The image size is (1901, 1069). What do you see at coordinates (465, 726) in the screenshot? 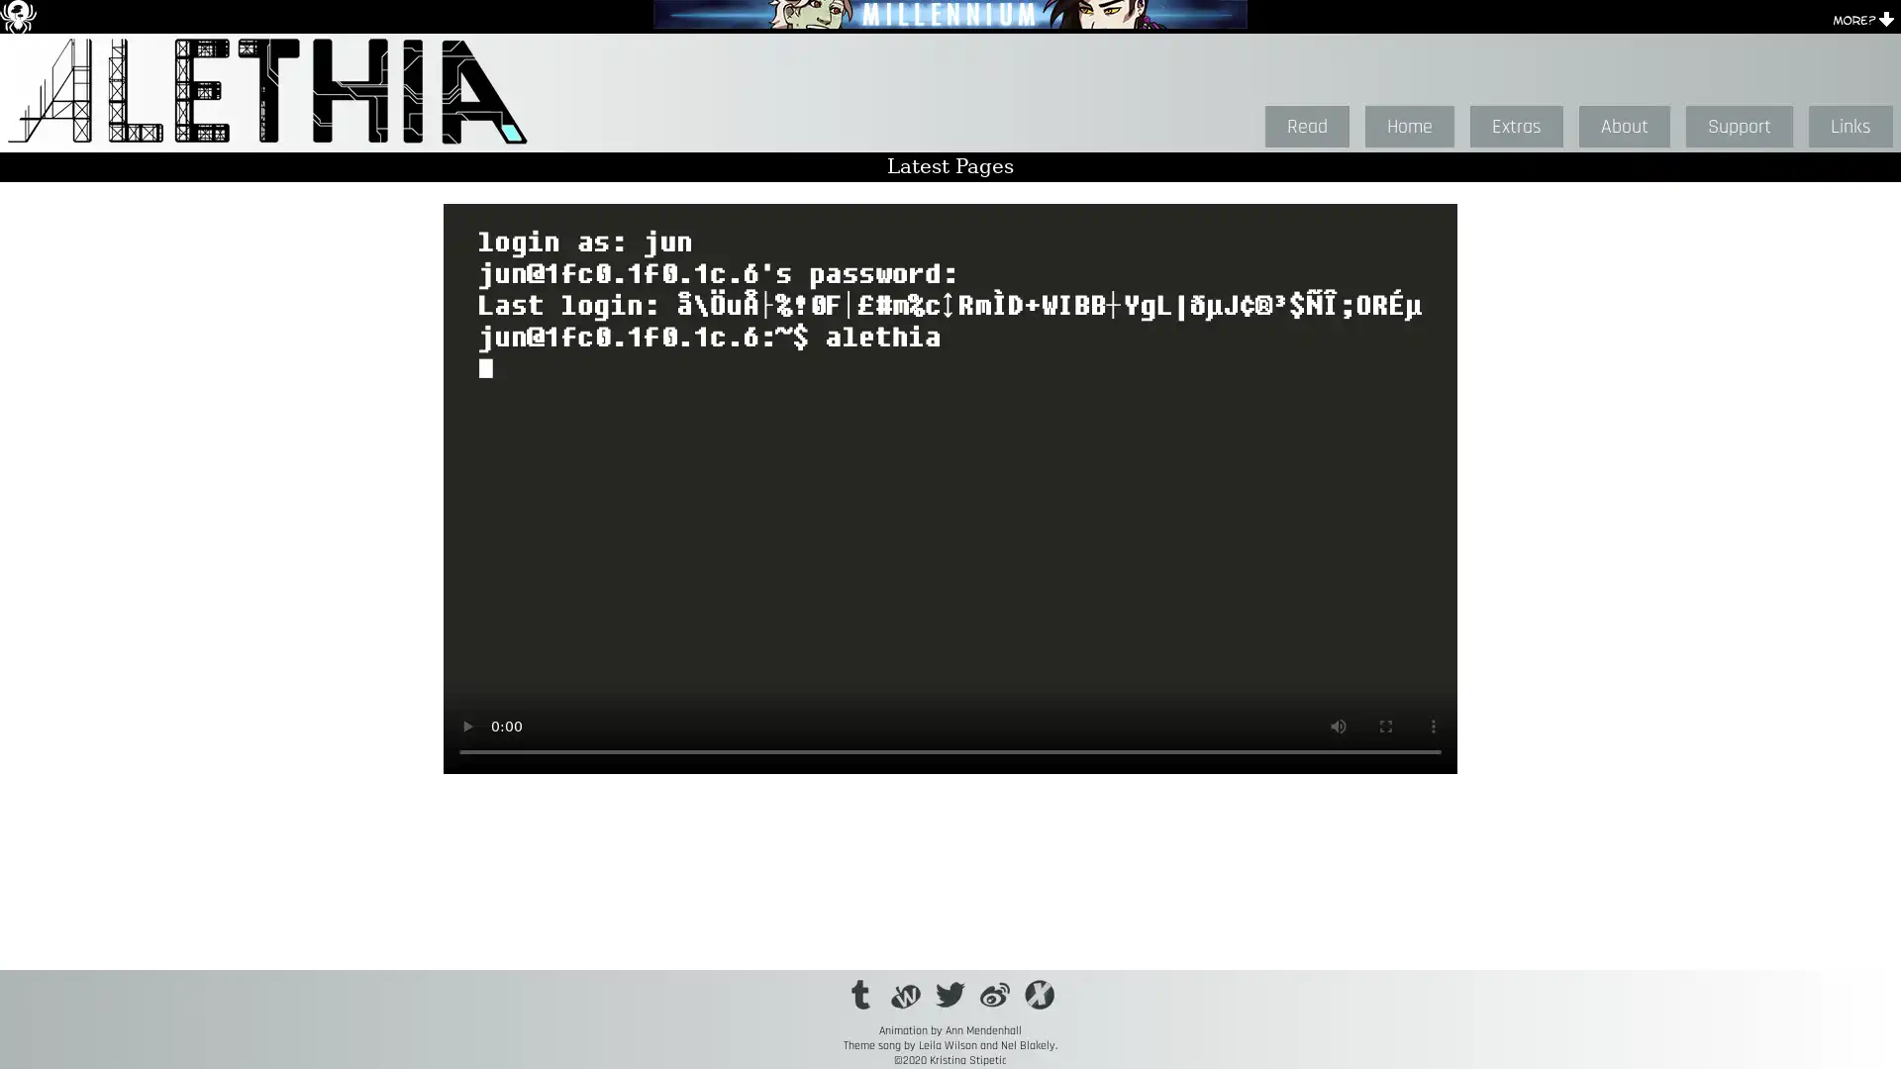
I see `play` at bounding box center [465, 726].